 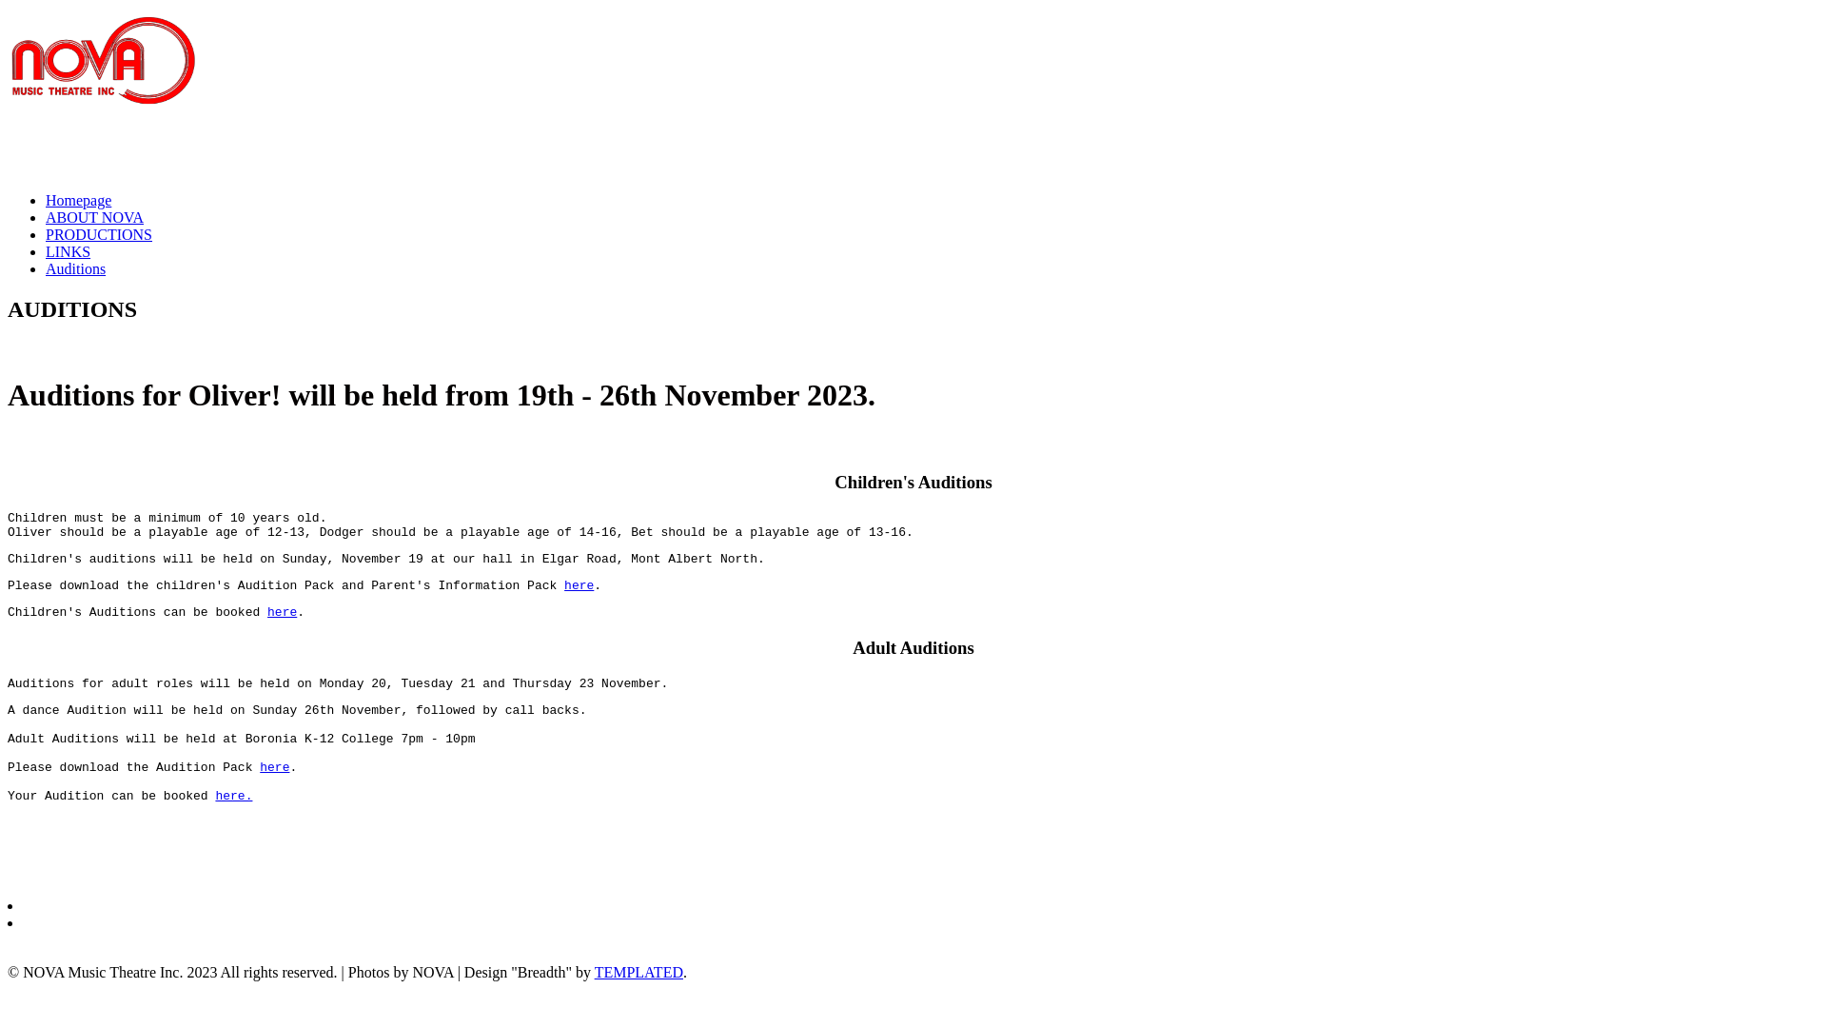 I want to click on 'PRODUCTIONS', so click(x=98, y=233).